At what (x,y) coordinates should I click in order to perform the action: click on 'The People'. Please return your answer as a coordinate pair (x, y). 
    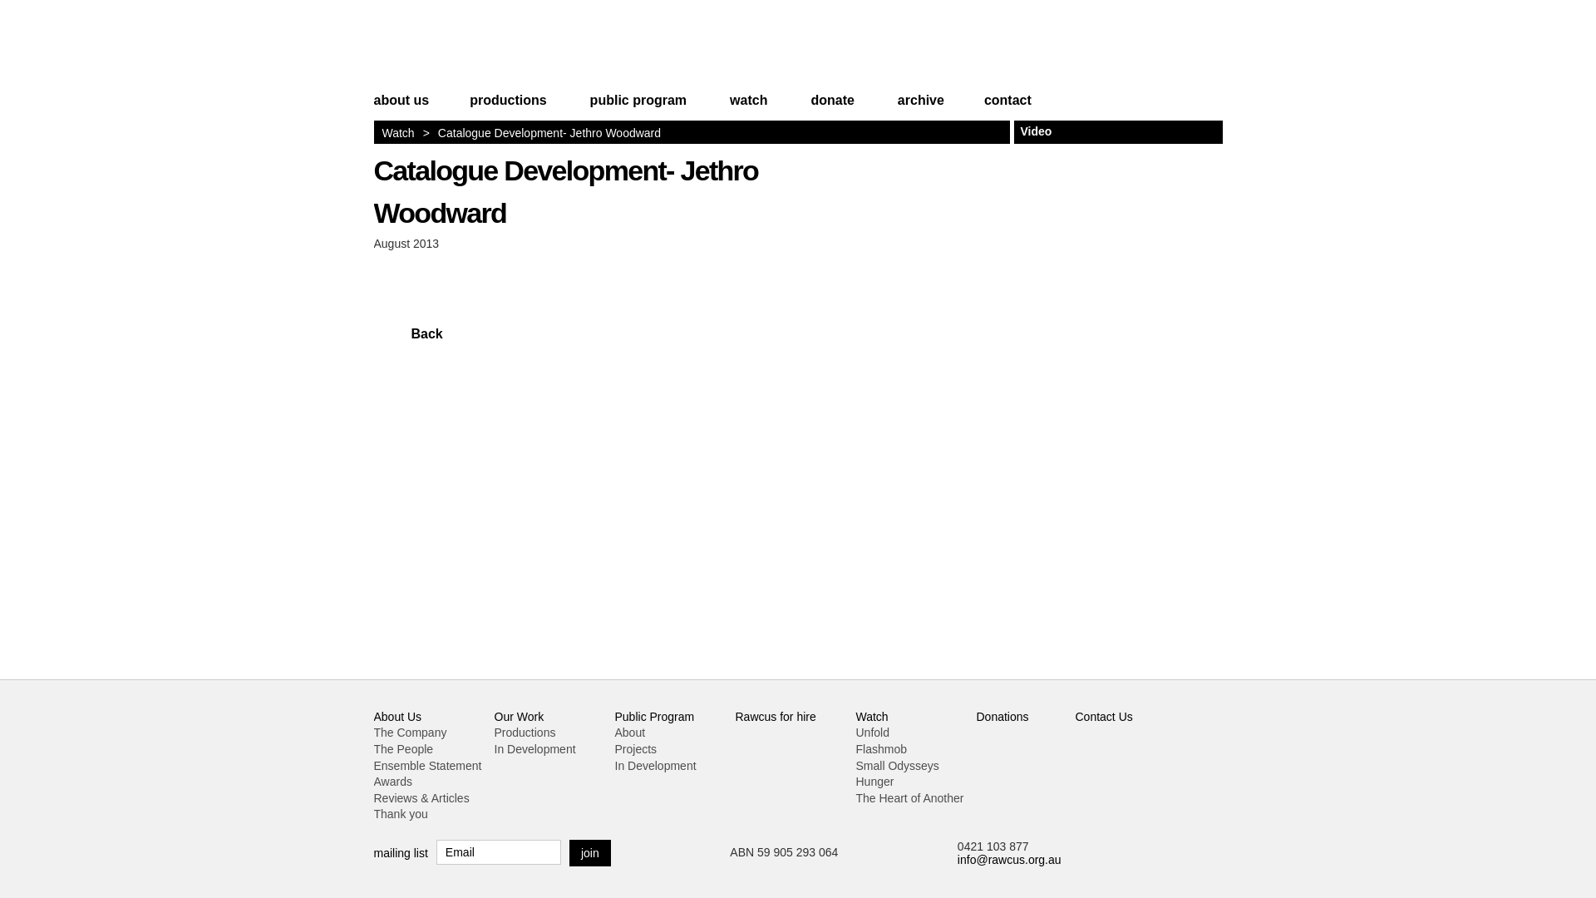
    Looking at the image, I should click on (403, 749).